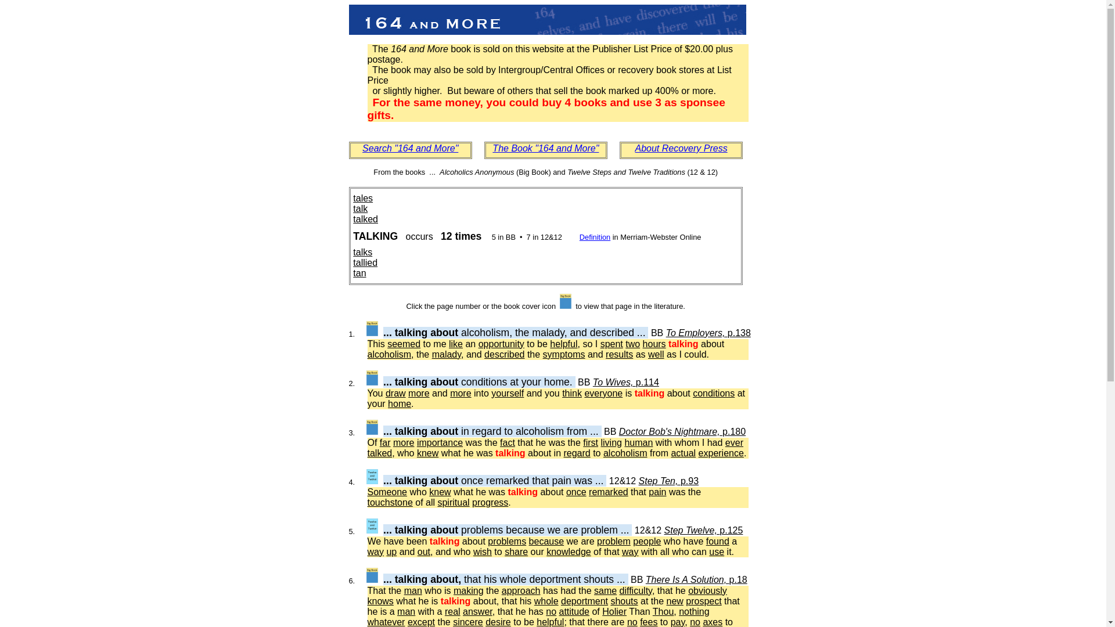 The height and width of the screenshot is (627, 1115). Describe the element at coordinates (406, 611) in the screenshot. I see `'man'` at that location.